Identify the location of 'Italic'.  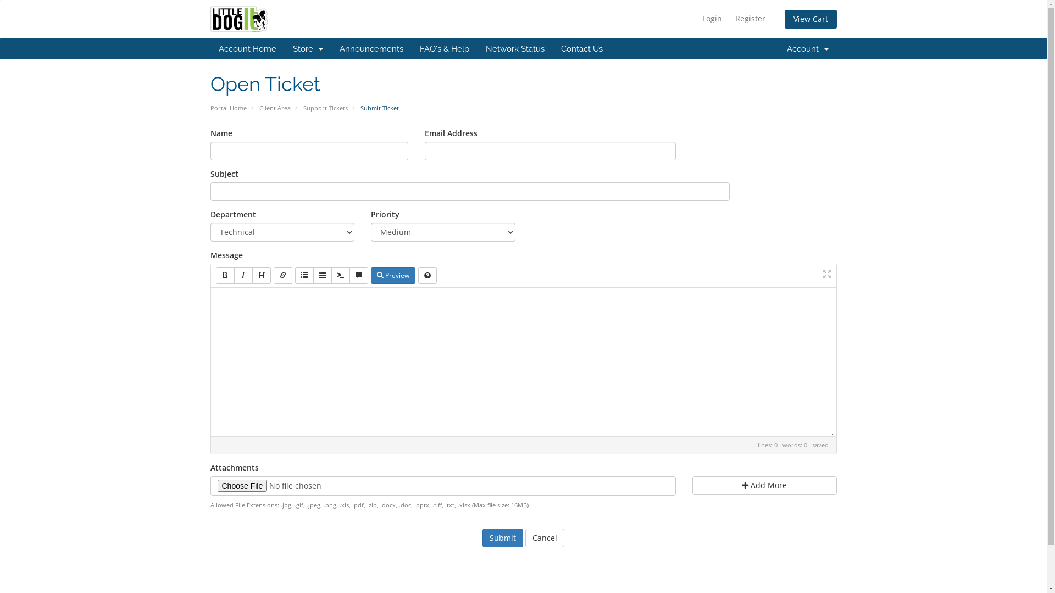
(242, 275).